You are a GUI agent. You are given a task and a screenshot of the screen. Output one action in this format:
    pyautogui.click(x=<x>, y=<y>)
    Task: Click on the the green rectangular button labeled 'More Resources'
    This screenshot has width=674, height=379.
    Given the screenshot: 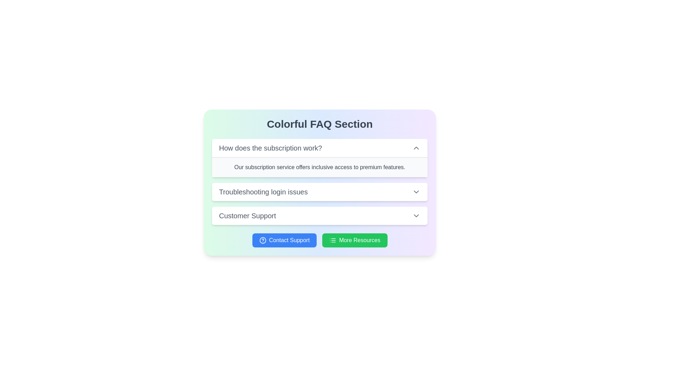 What is the action you would take?
    pyautogui.click(x=355, y=240)
    